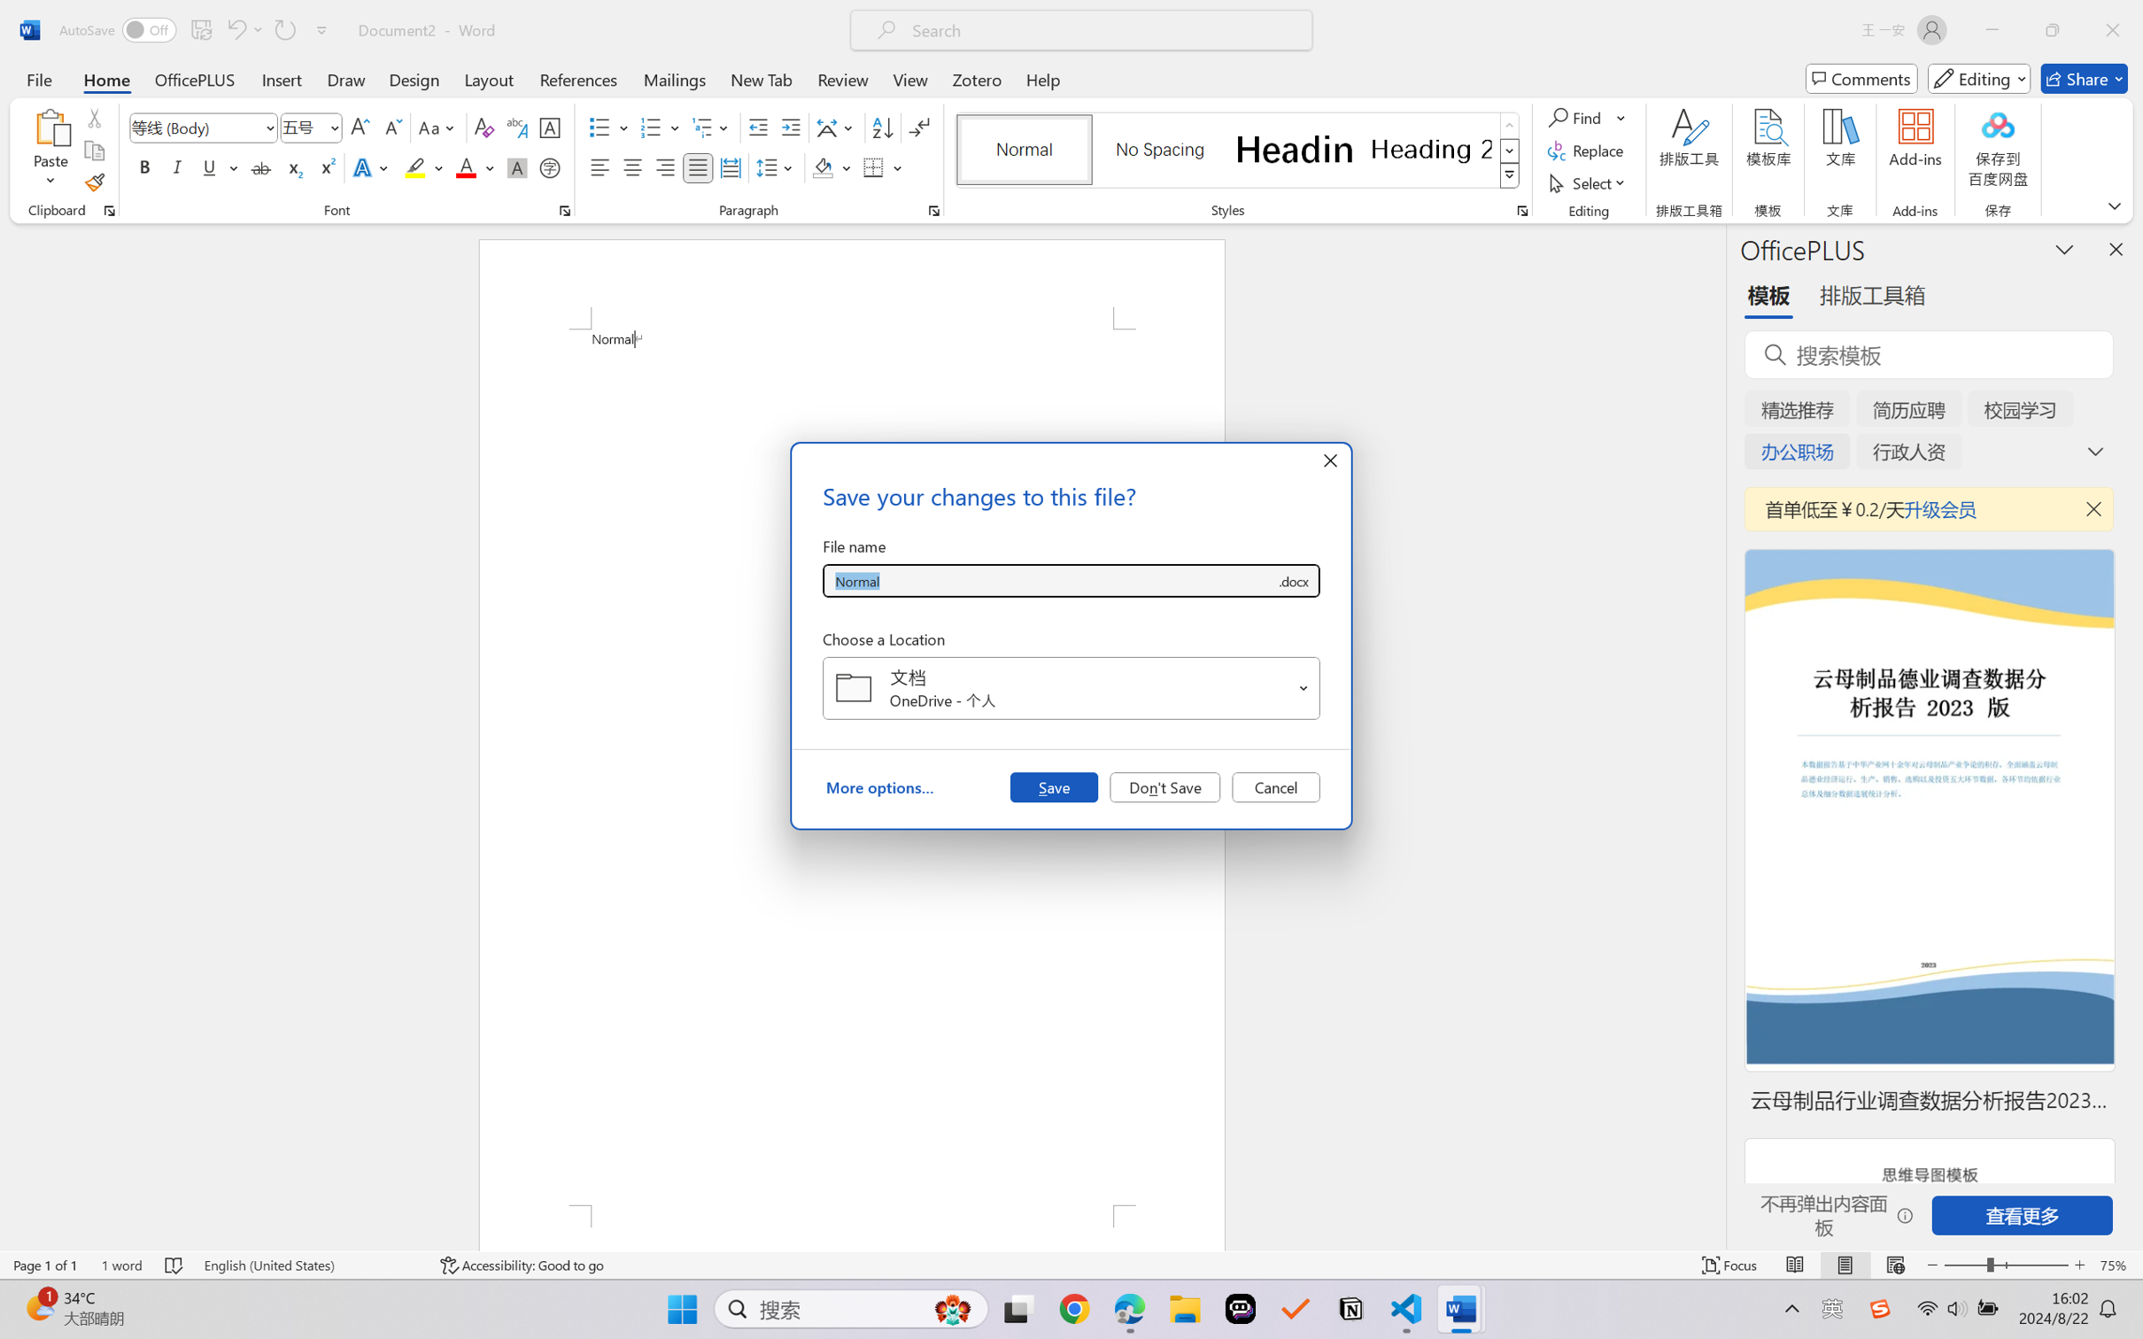 The width and height of the screenshot is (2143, 1339). I want to click on 'New Tab', so click(761, 78).